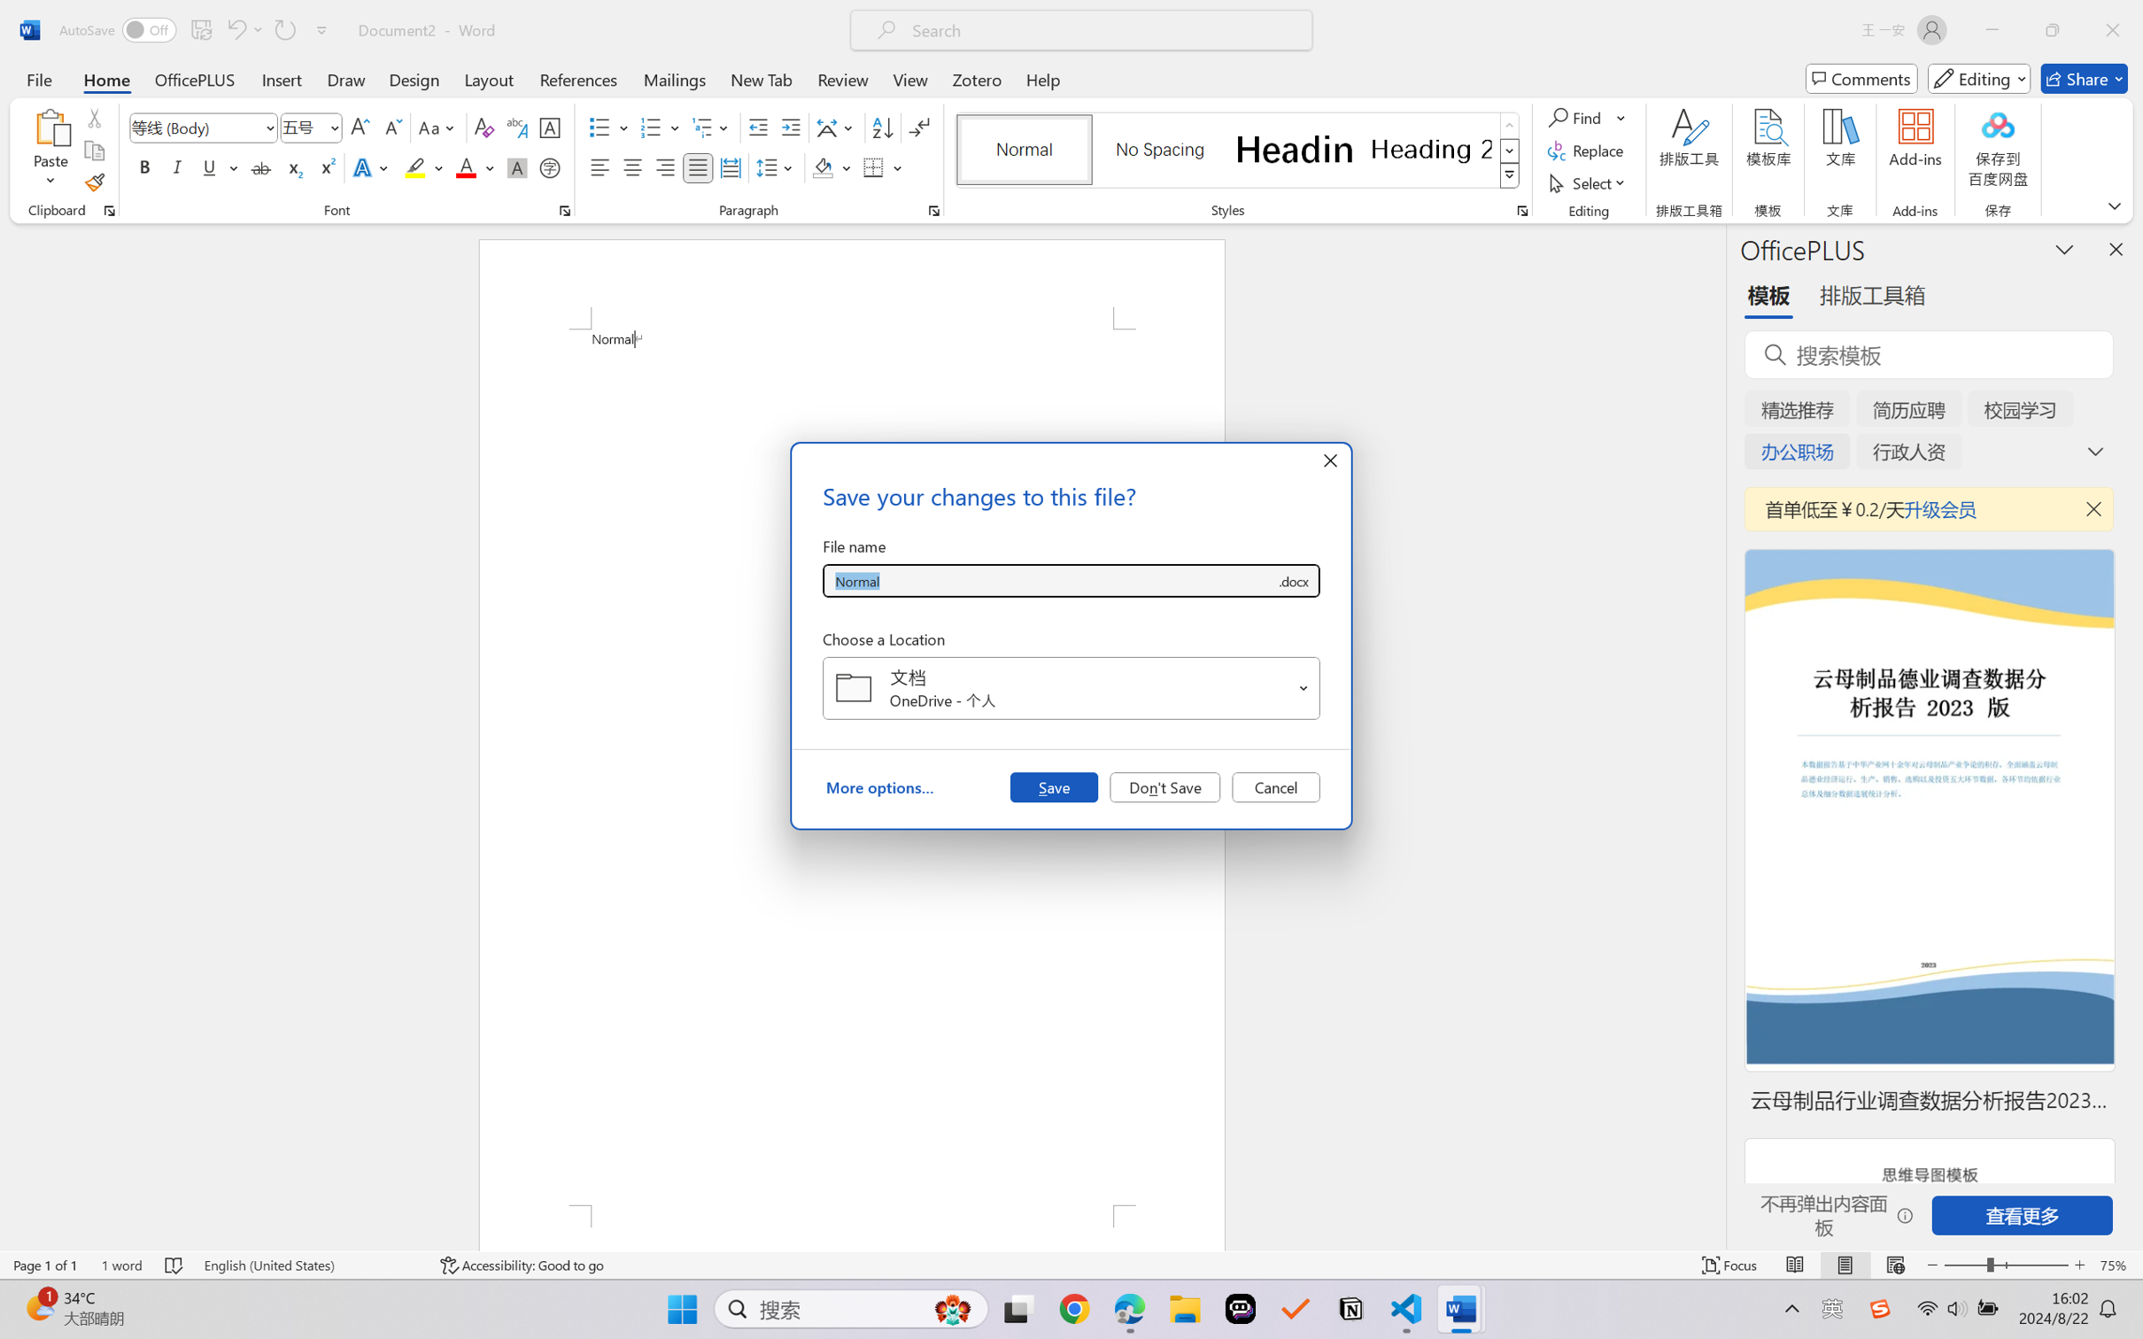 The width and height of the screenshot is (2143, 1339). I want to click on 'New Tab', so click(761, 78).